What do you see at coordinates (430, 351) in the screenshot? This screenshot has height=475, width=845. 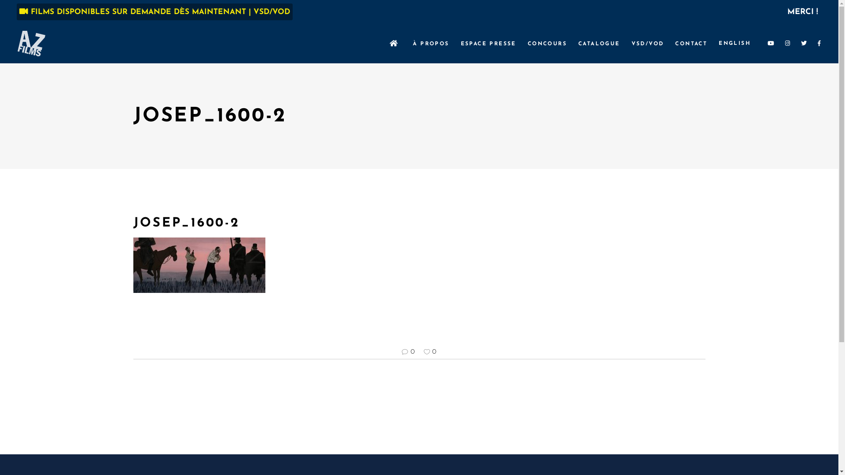 I see `'0'` at bounding box center [430, 351].